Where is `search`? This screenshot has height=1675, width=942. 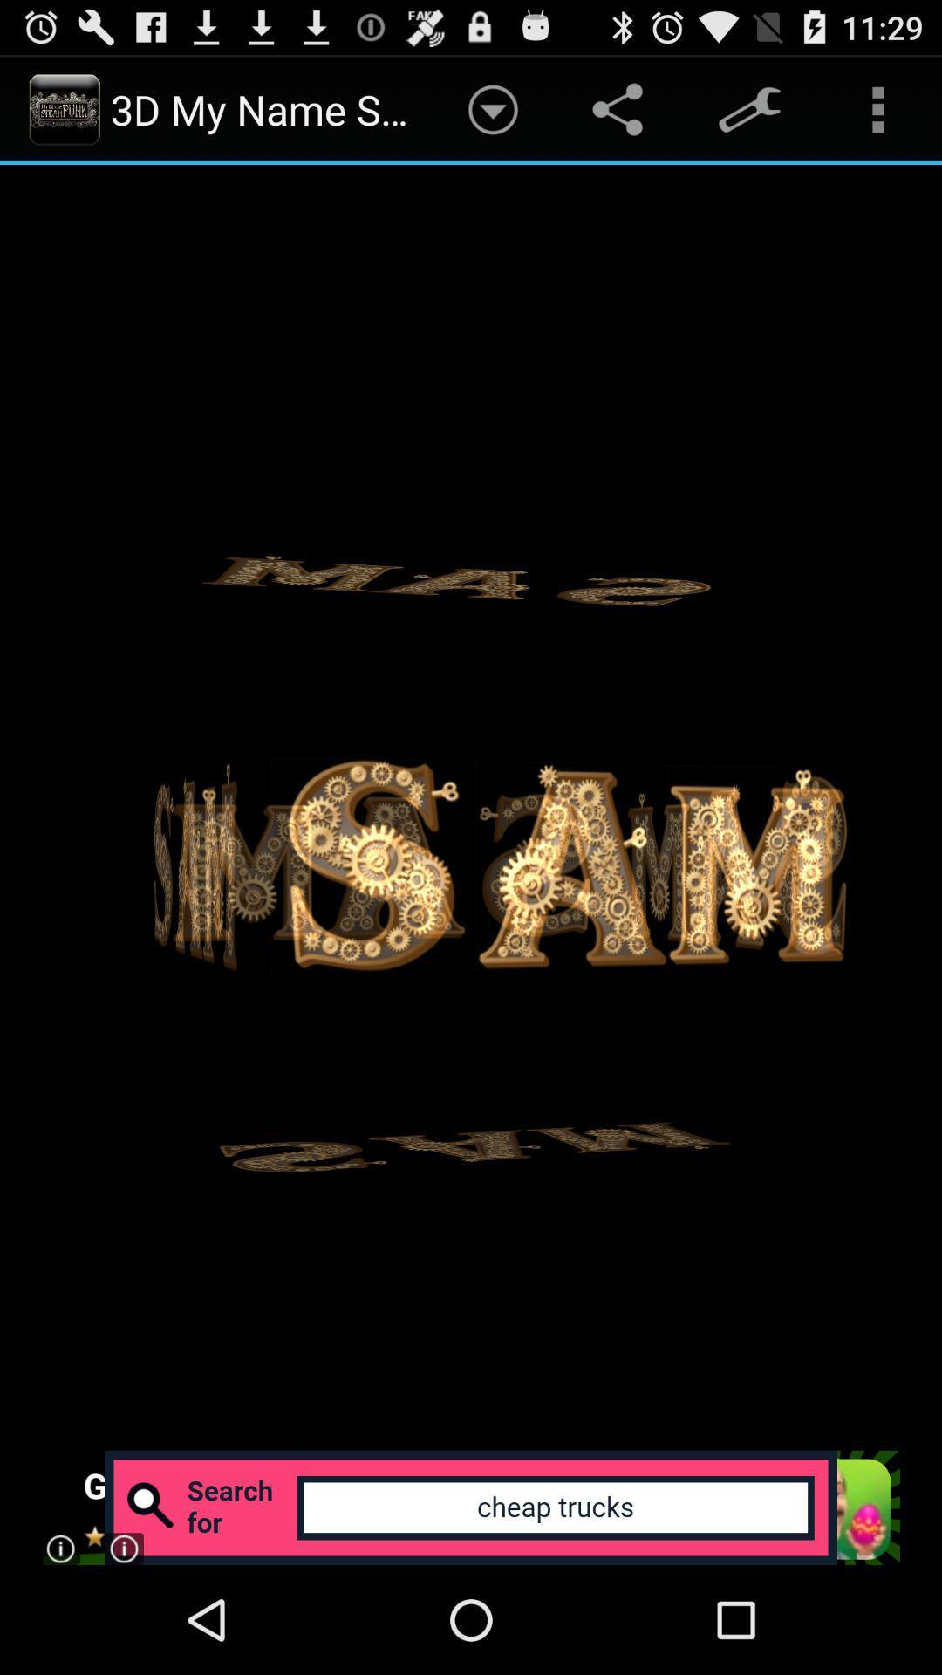
search is located at coordinates (469, 1507).